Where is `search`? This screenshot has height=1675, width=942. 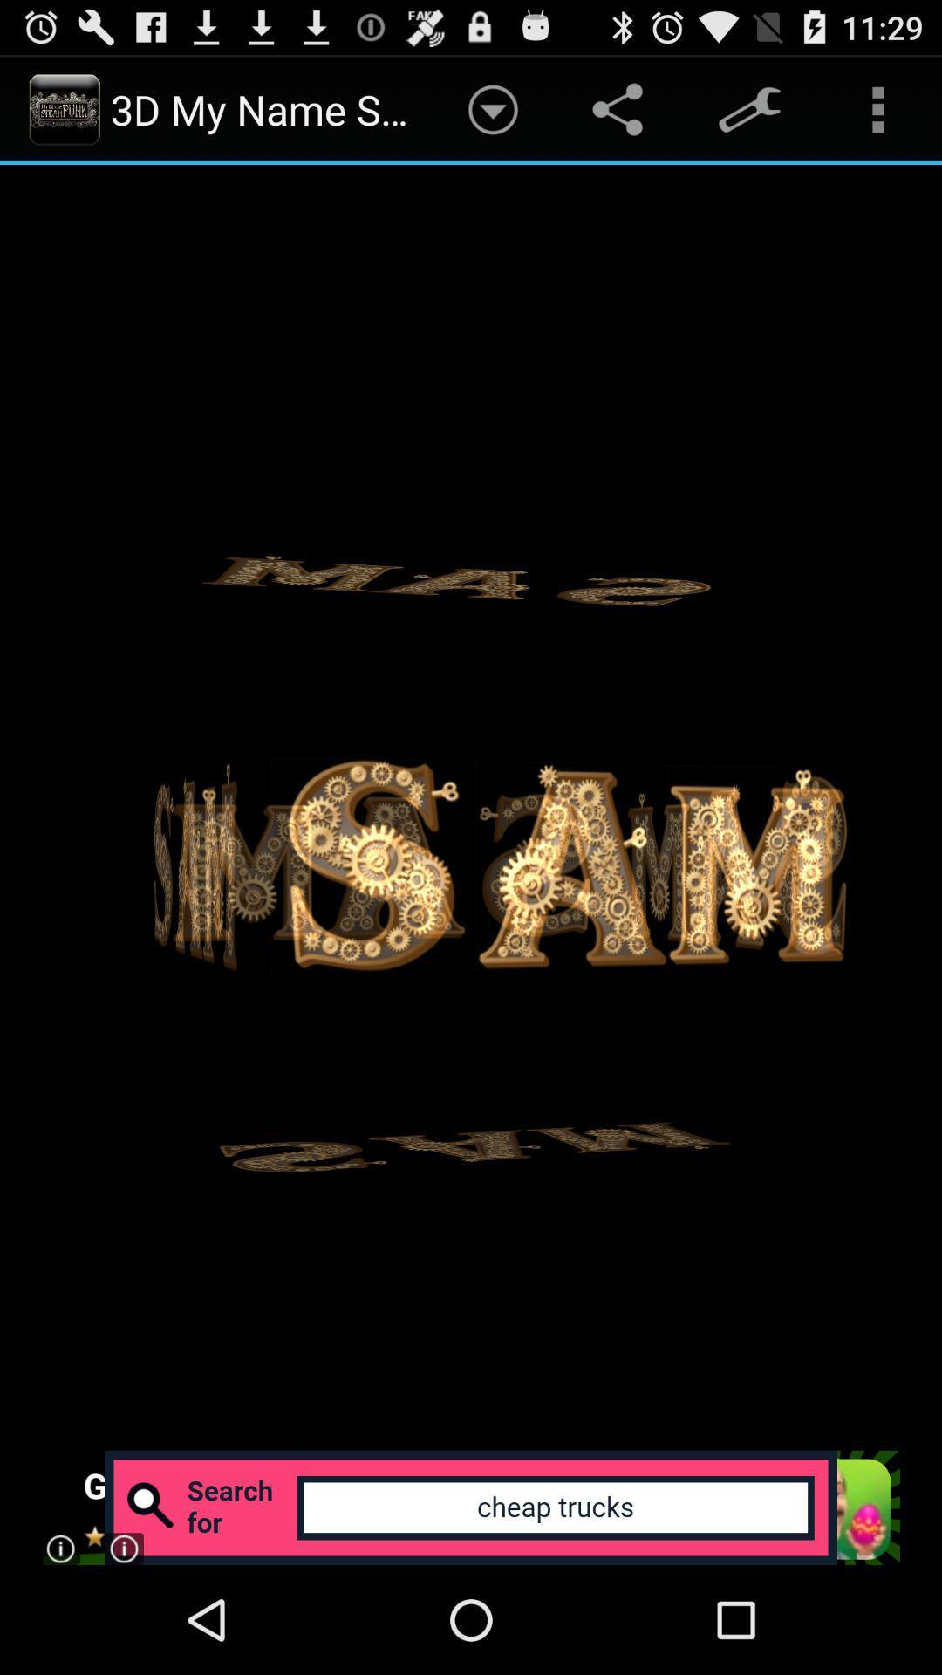
search is located at coordinates (469, 1507).